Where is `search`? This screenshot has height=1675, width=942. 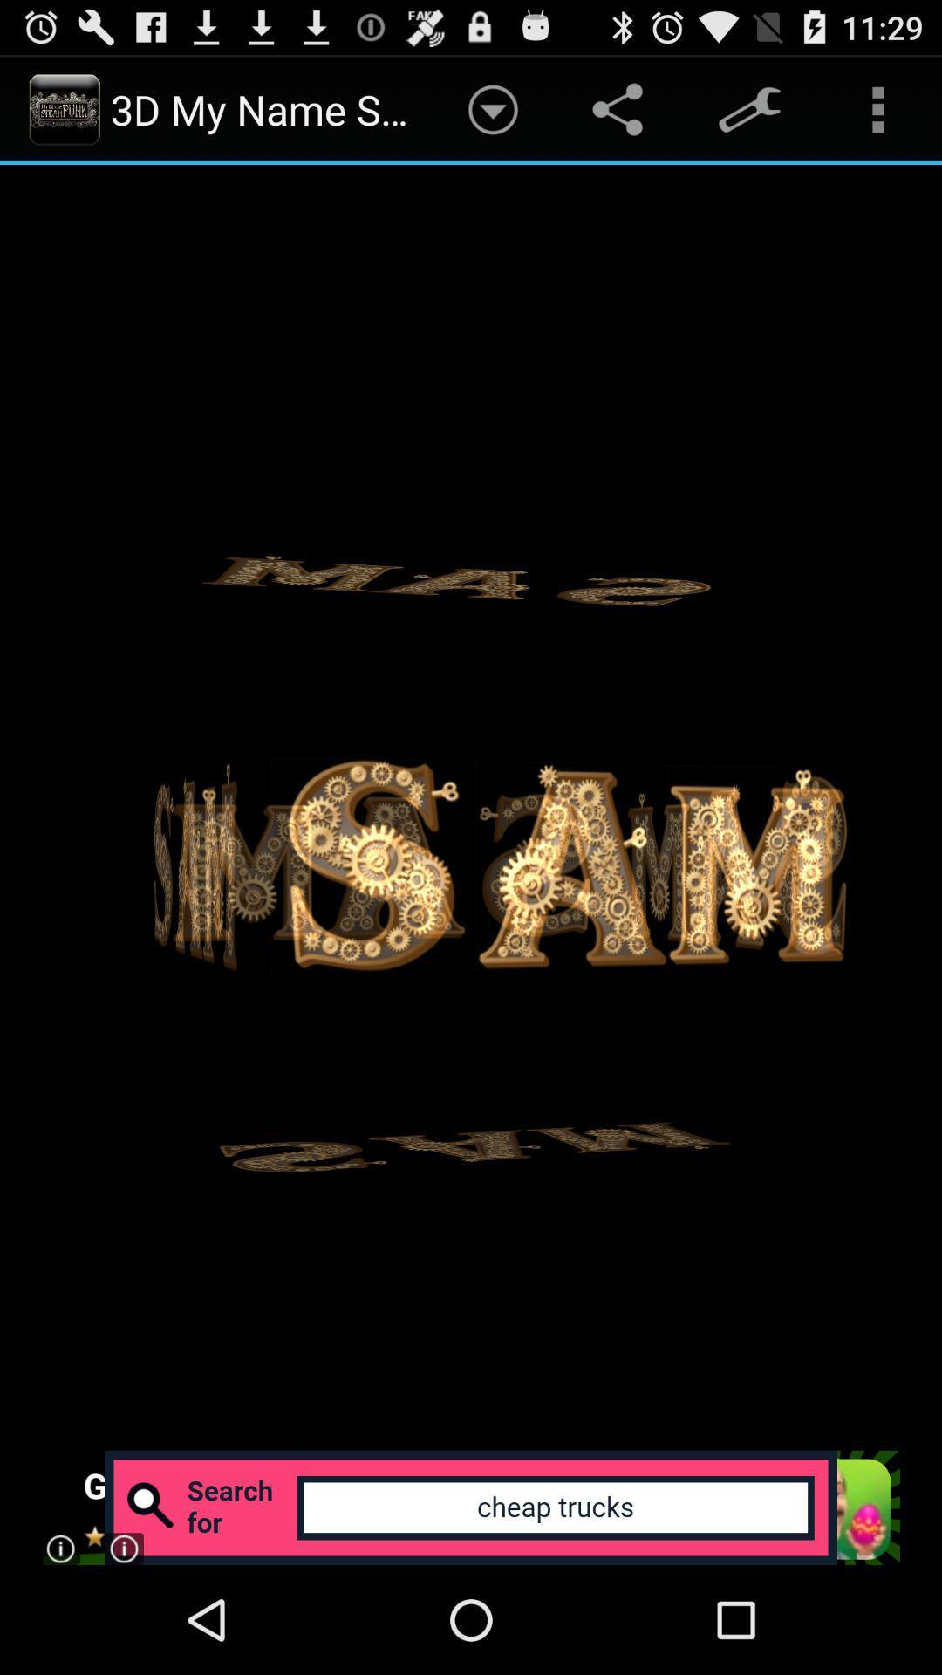
search is located at coordinates (469, 1507).